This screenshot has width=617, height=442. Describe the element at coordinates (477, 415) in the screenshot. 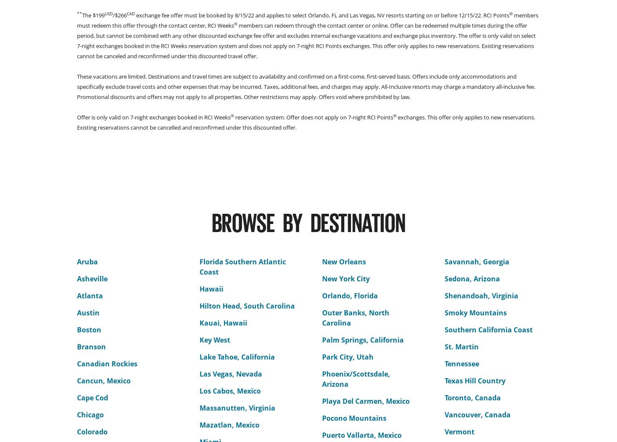

I see `'Vancouver, Canada'` at that location.